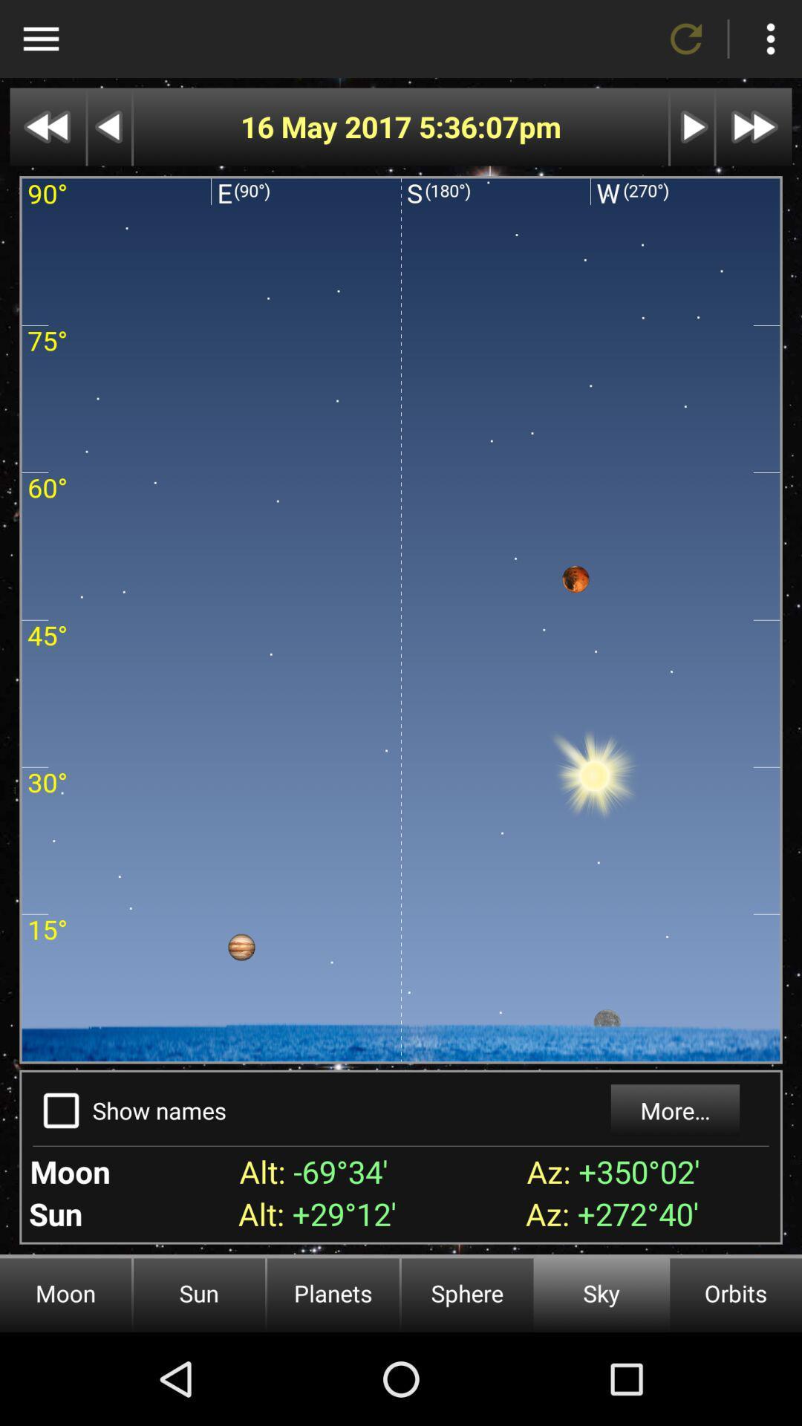 This screenshot has height=1426, width=802. What do you see at coordinates (692, 127) in the screenshot?
I see `advance frame` at bounding box center [692, 127].